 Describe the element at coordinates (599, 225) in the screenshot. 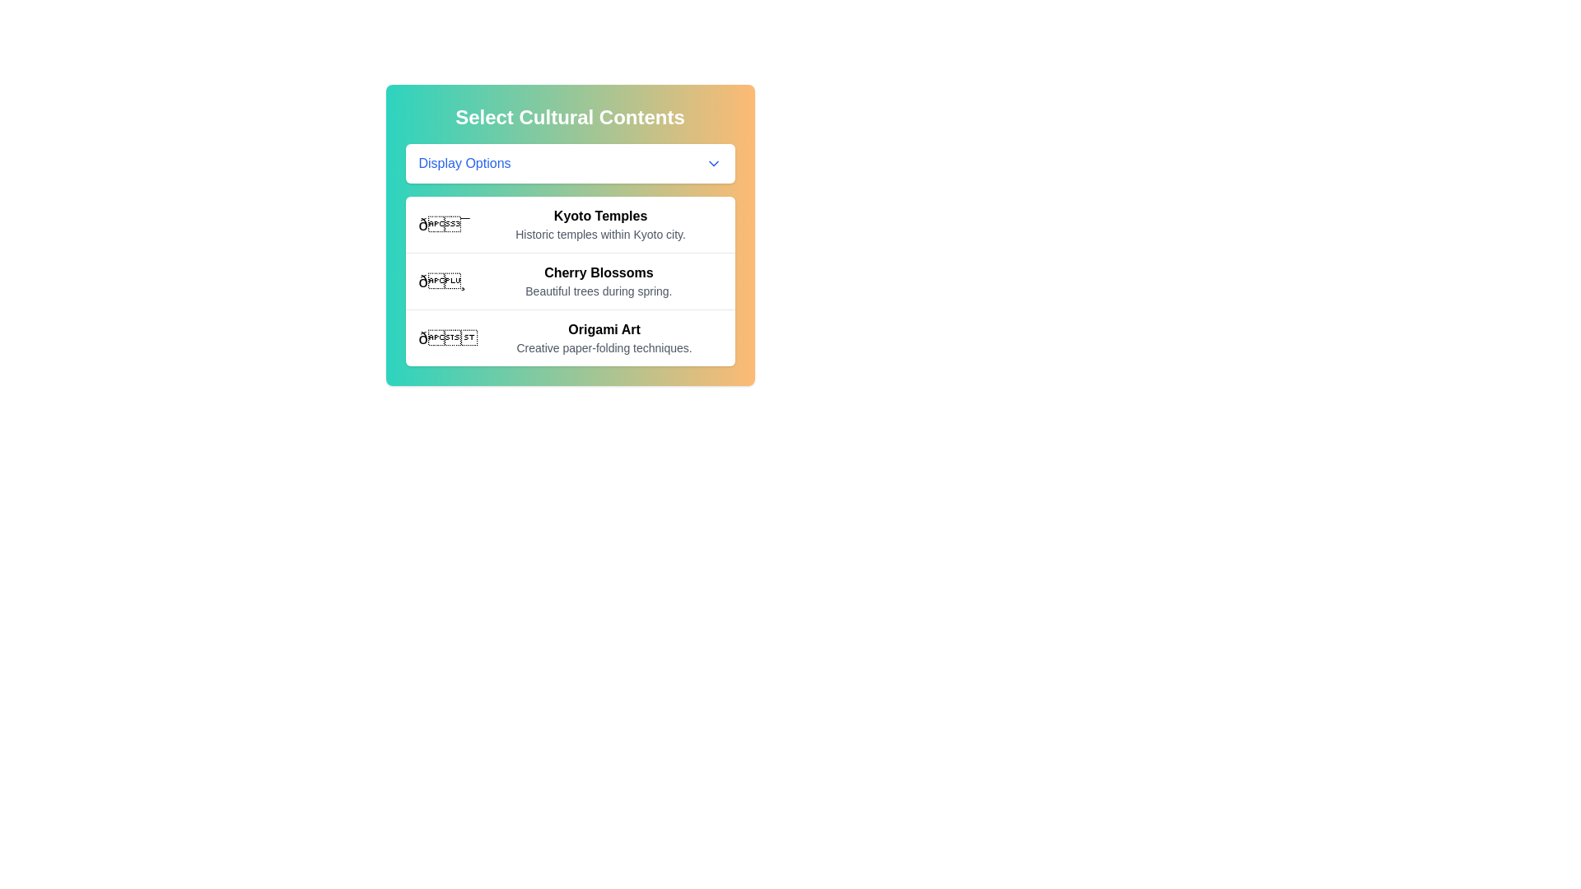

I see `the text block titled 'Kyoto Temples' which contains the description 'Historic temples within Kyoto city.'` at that location.